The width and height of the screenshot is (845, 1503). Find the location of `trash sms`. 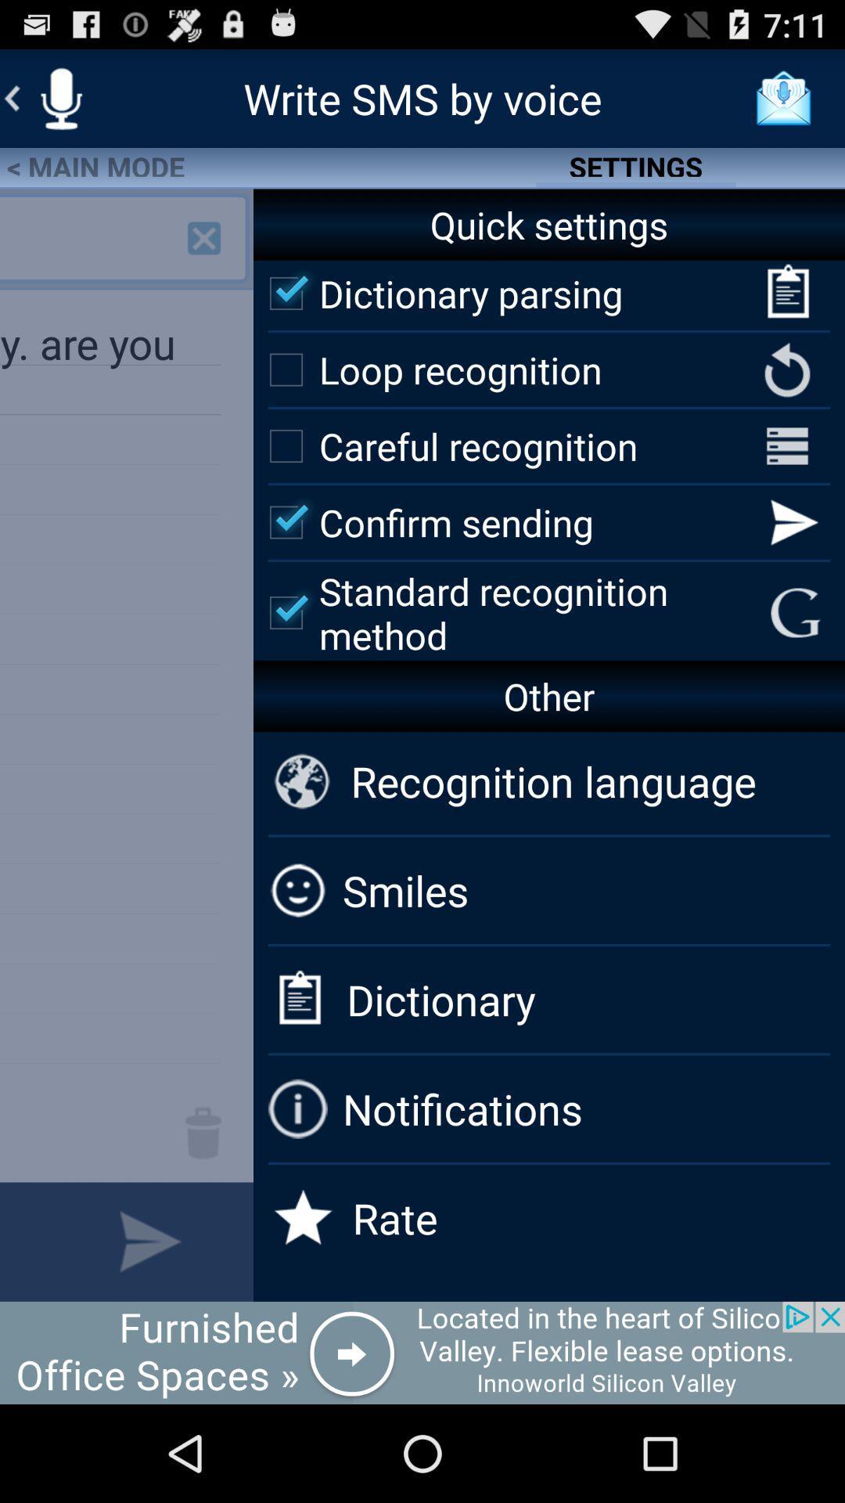

trash sms is located at coordinates (203, 1133).